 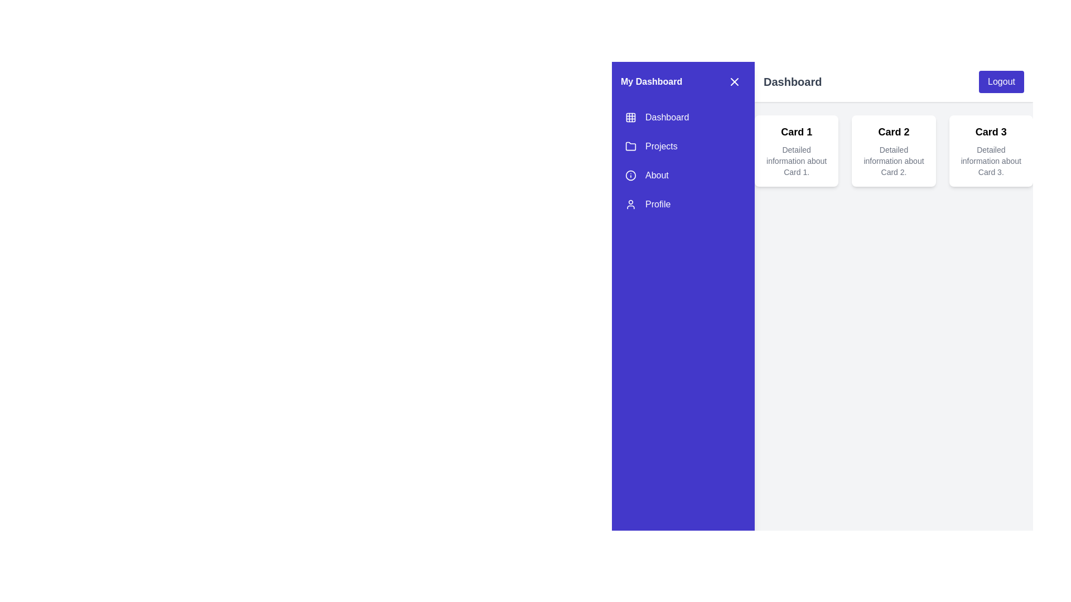 I want to click on the text element labeled 'Card 1' located at the top-center of its card, which serves as a title for the card's content, so click(x=796, y=131).